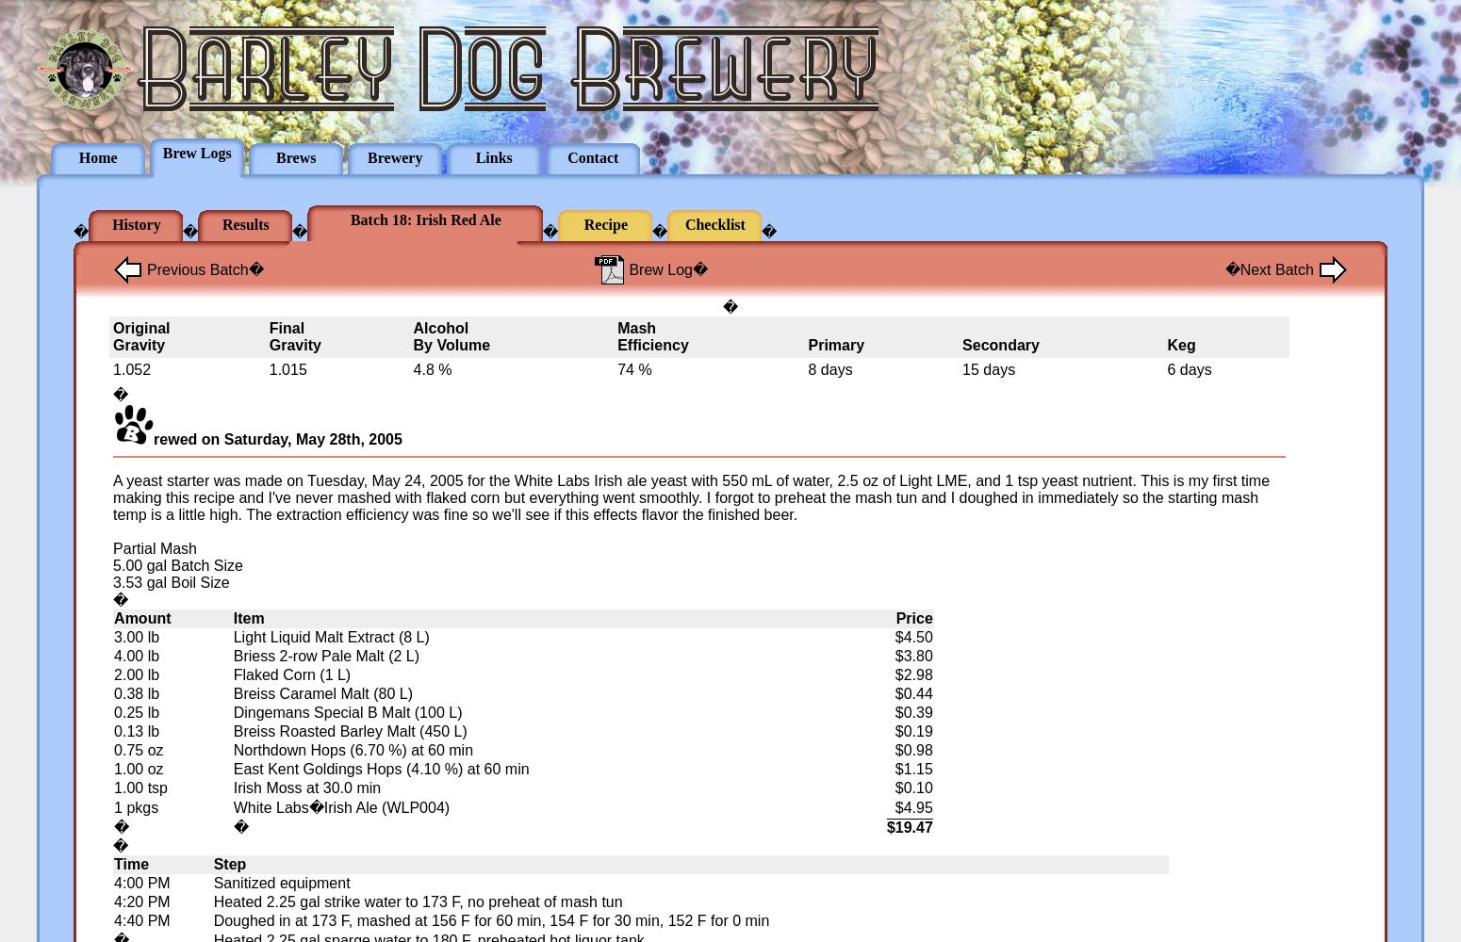 Image resolution: width=1461 pixels, height=942 pixels. Describe the element at coordinates (583, 223) in the screenshot. I see `'Recipe'` at that location.